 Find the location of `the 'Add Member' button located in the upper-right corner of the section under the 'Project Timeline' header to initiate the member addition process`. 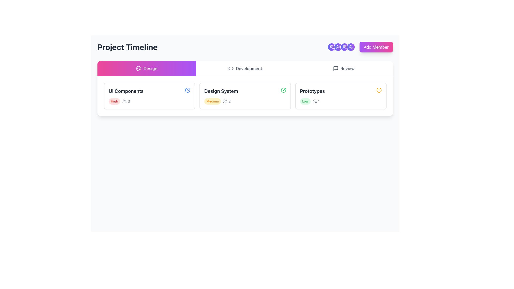

the 'Add Member' button located in the upper-right corner of the section under the 'Project Timeline' header to initiate the member addition process is located at coordinates (360, 47).